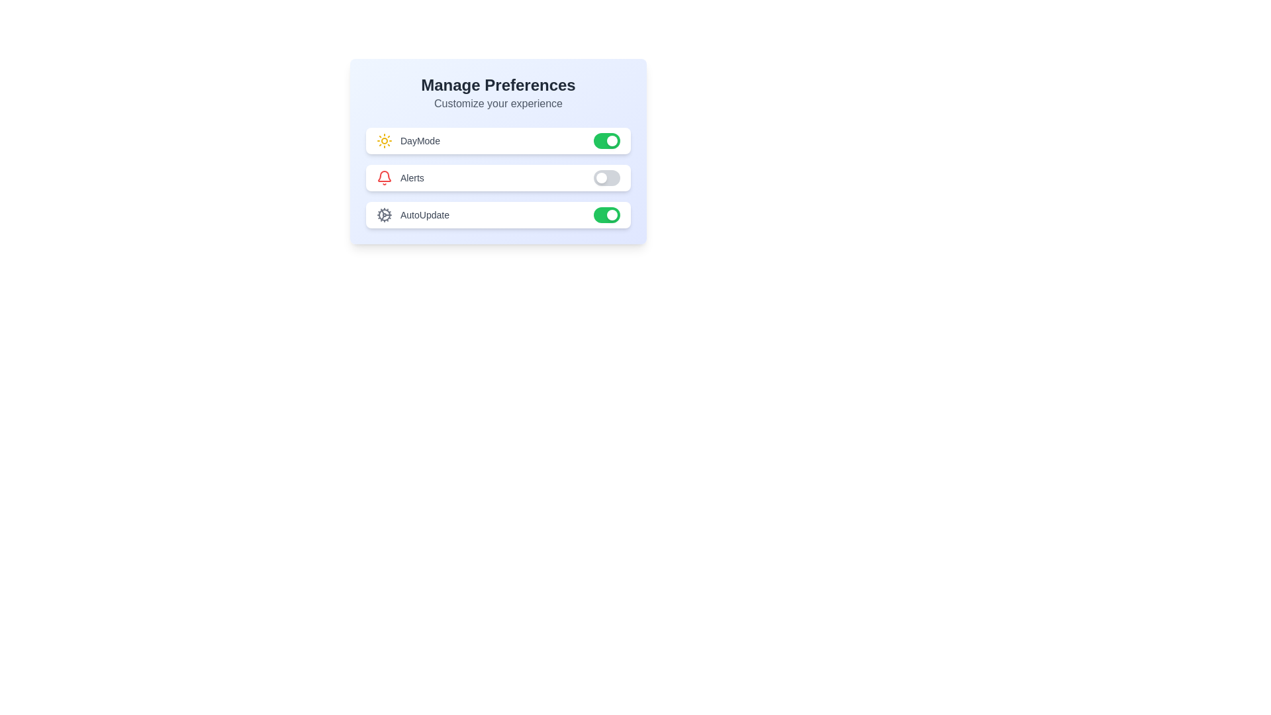 The image size is (1271, 715). Describe the element at coordinates (498, 85) in the screenshot. I see `the text heading element titled 'Manage Preferences', which is centrally aligned and serves as the title for preference management` at that location.